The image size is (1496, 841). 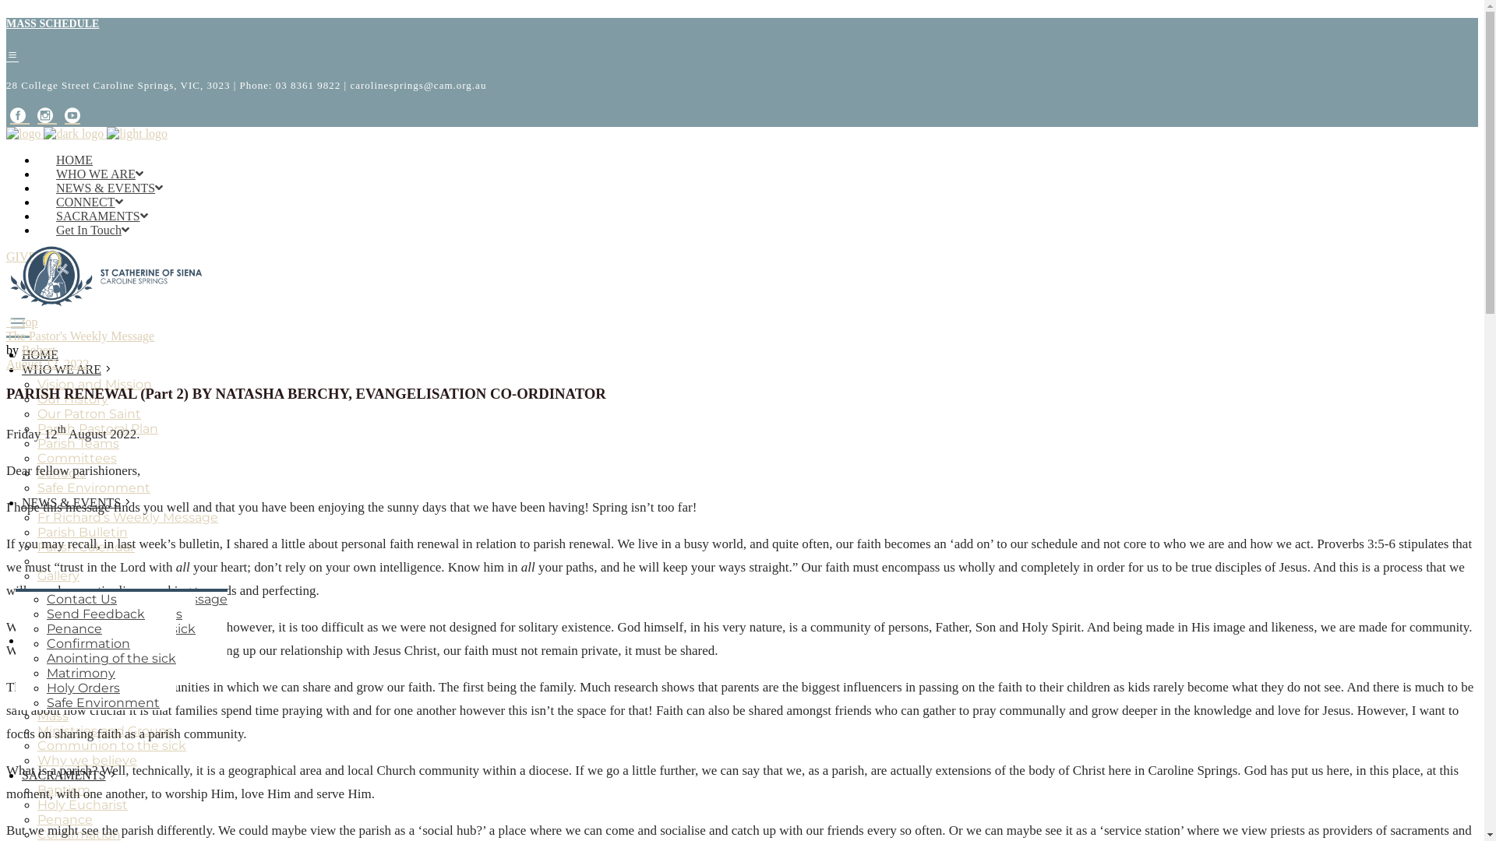 What do you see at coordinates (22, 321) in the screenshot?
I see `'top'` at bounding box center [22, 321].